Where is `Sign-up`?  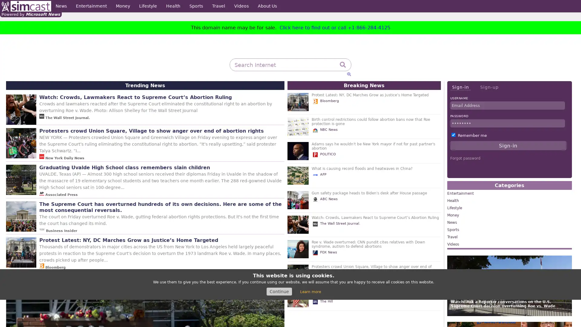
Sign-up is located at coordinates (489, 87).